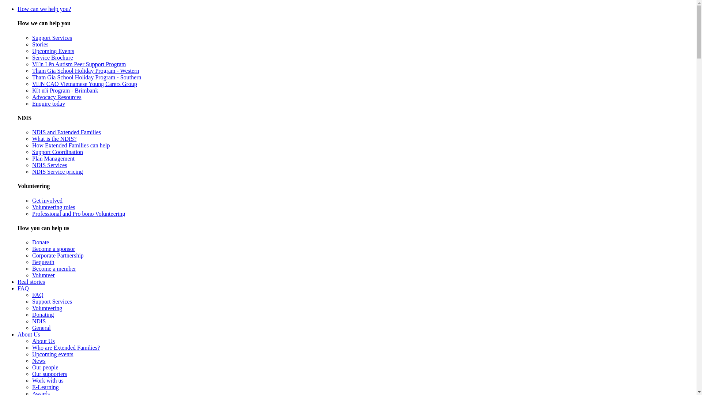  I want to click on 'Volunteer', so click(43, 275).